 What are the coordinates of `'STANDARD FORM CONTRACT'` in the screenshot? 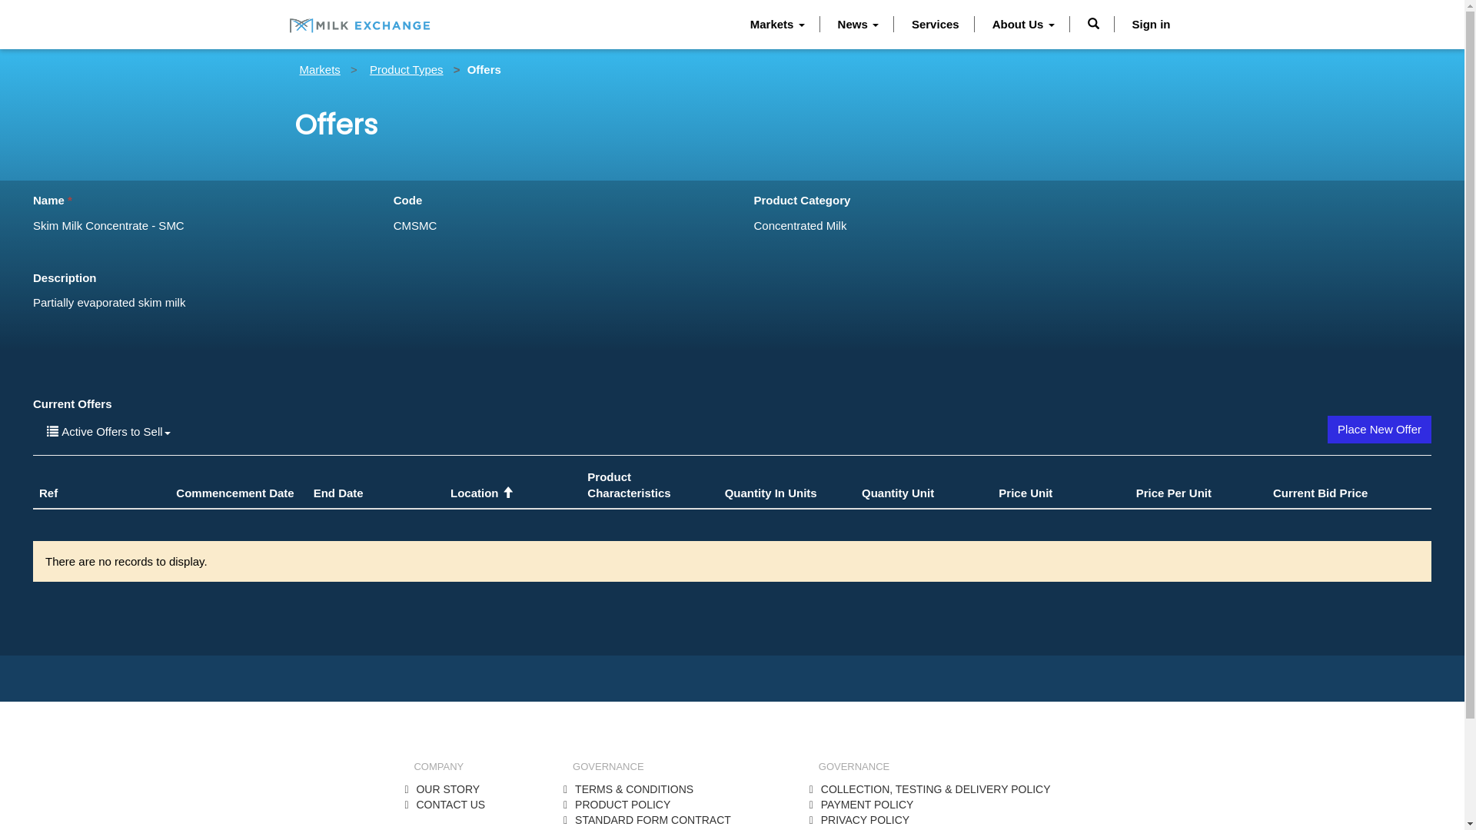 It's located at (653, 819).